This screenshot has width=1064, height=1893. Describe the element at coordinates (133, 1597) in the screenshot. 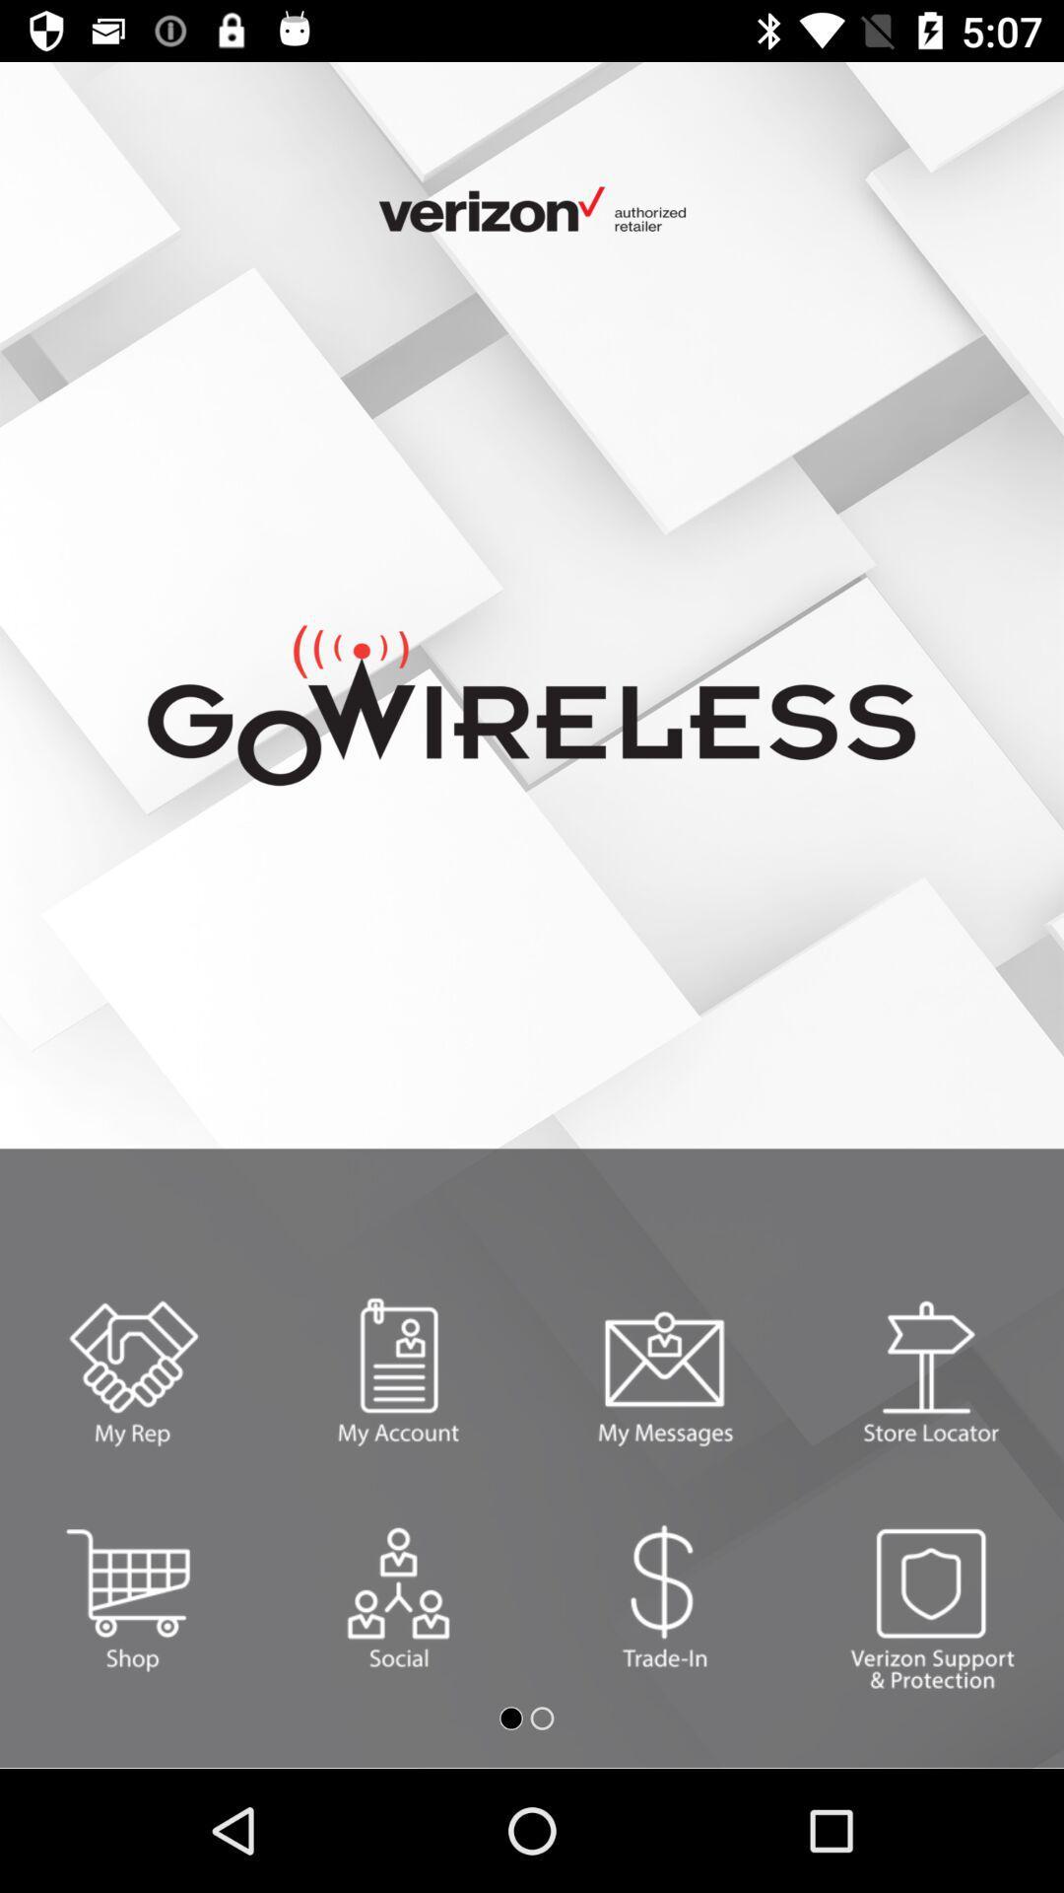

I see `shopping box option` at that location.